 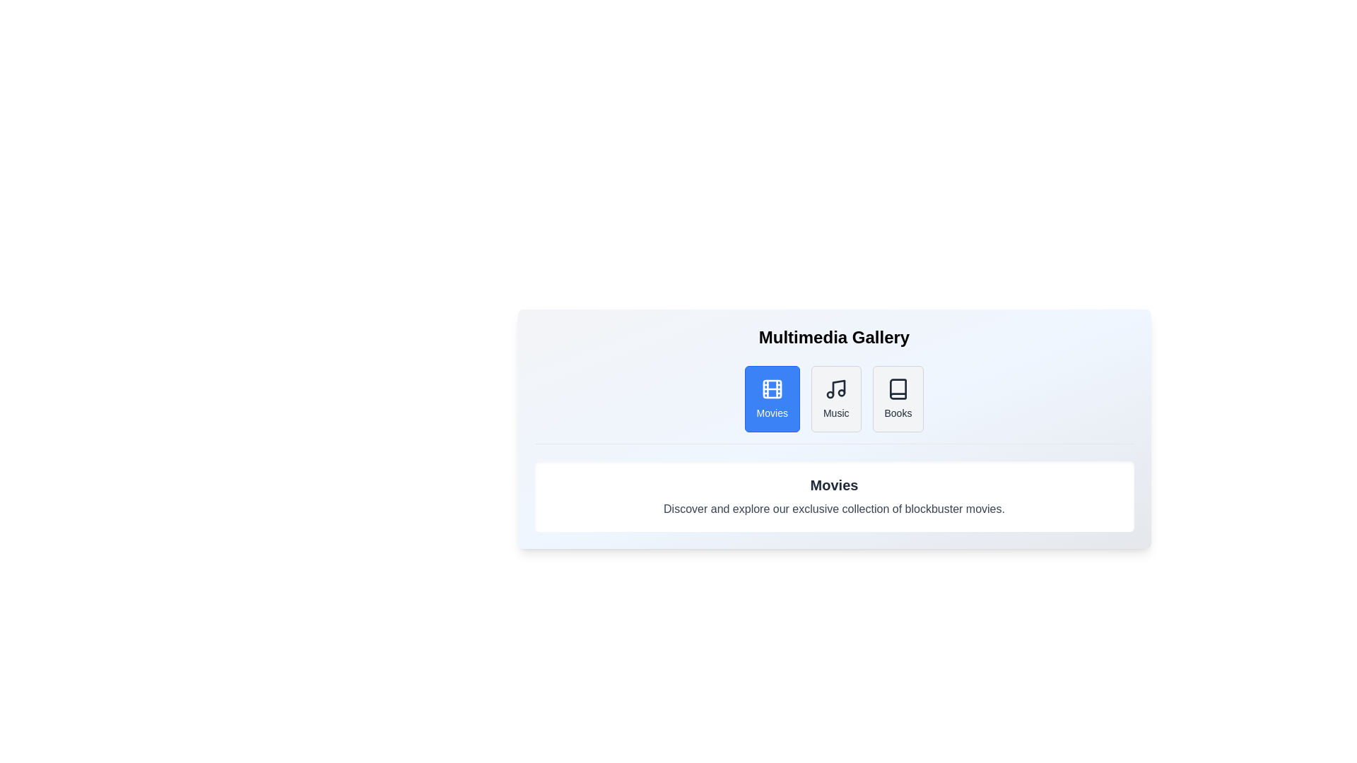 I want to click on the Books tab to view its contents, so click(x=898, y=398).